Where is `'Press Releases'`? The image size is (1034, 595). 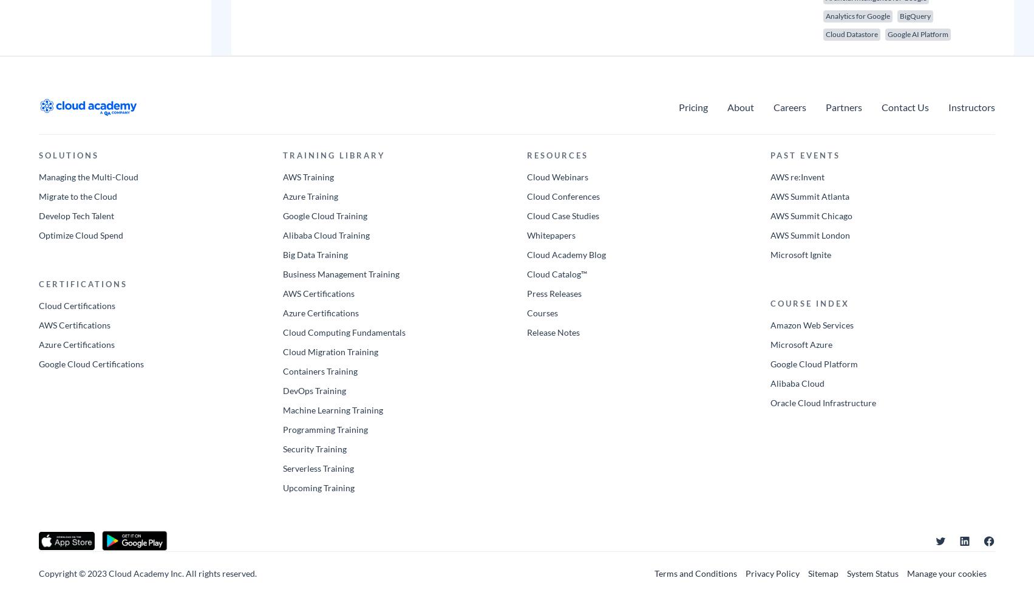 'Press Releases' is located at coordinates (553, 293).